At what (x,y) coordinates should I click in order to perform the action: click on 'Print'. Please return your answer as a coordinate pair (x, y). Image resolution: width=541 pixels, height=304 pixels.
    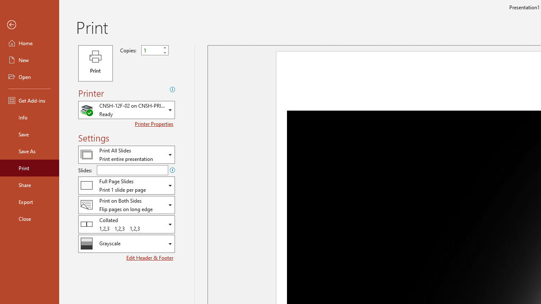
    Looking at the image, I should click on (29, 168).